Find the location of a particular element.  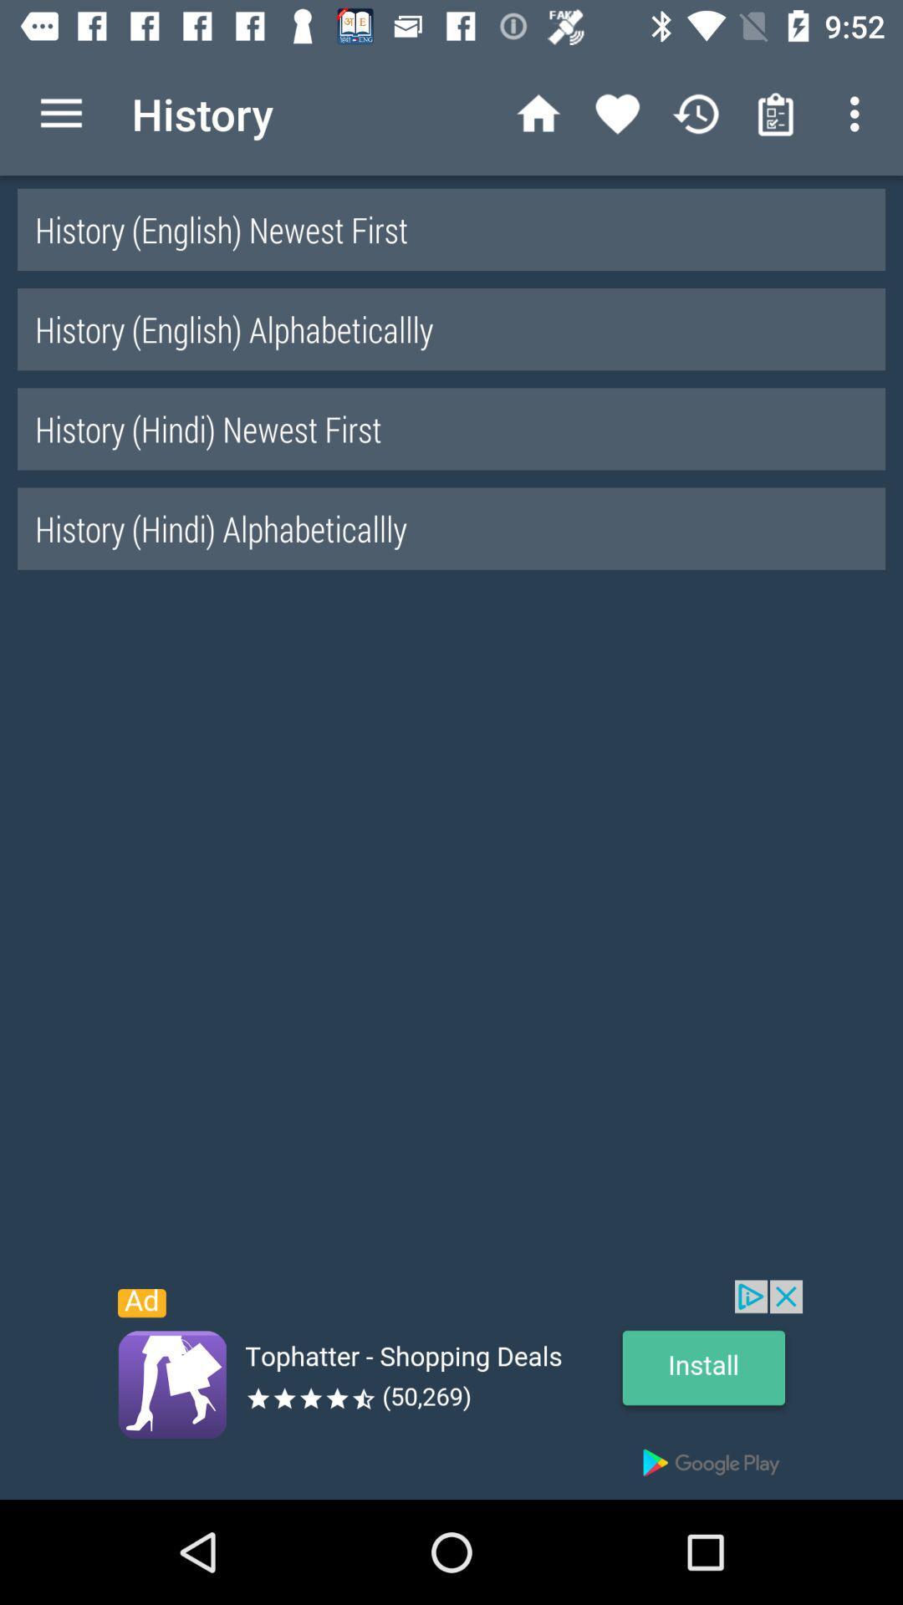

space where you access advertising is located at coordinates (451, 1389).